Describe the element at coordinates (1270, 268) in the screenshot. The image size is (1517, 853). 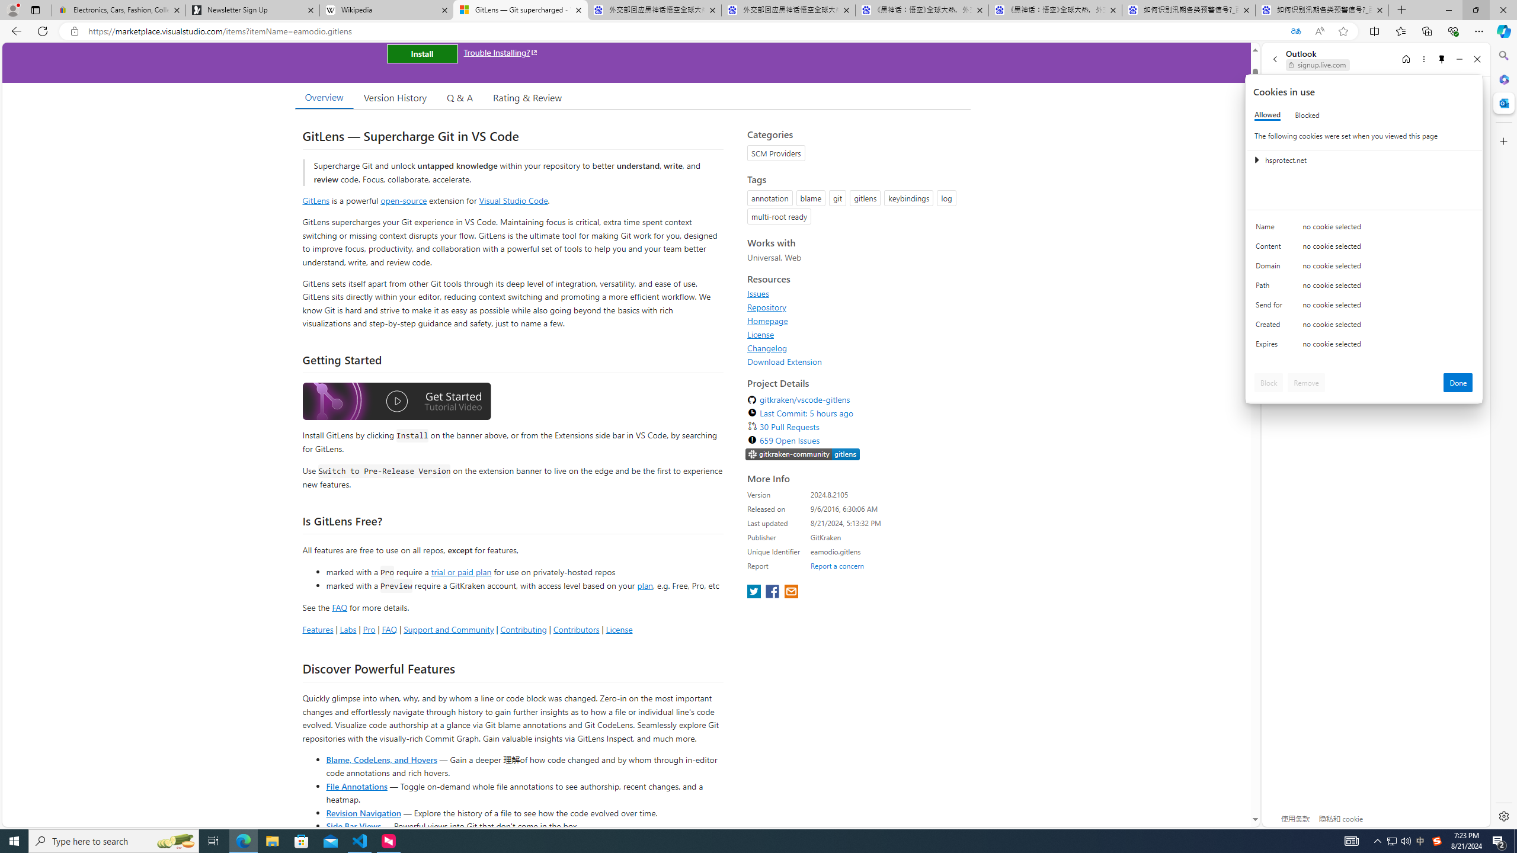
I see `'Domain'` at that location.